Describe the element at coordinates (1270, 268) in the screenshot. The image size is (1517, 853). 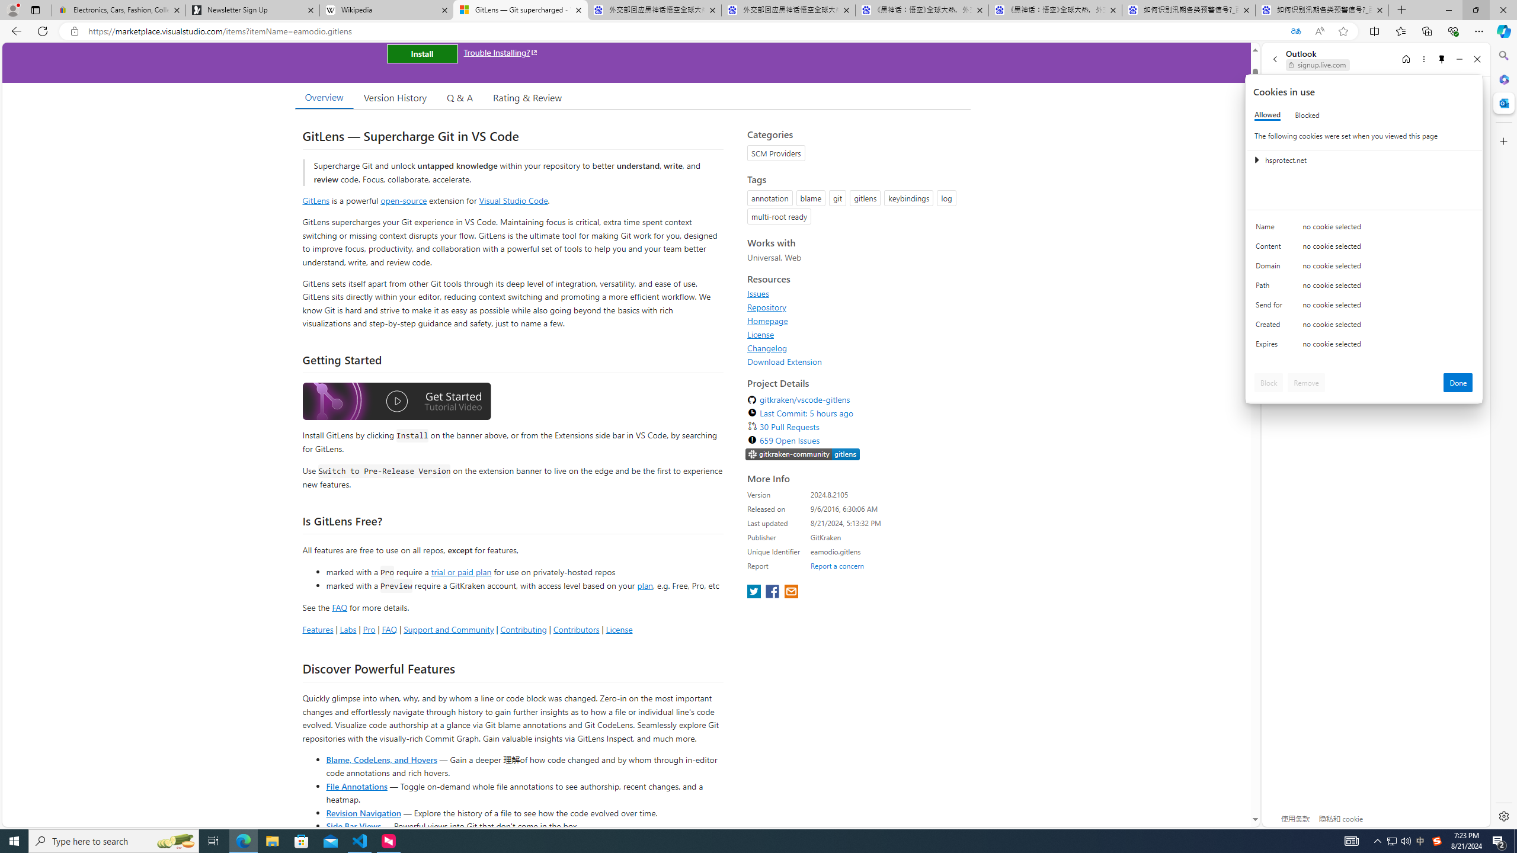
I see `'Domain'` at that location.